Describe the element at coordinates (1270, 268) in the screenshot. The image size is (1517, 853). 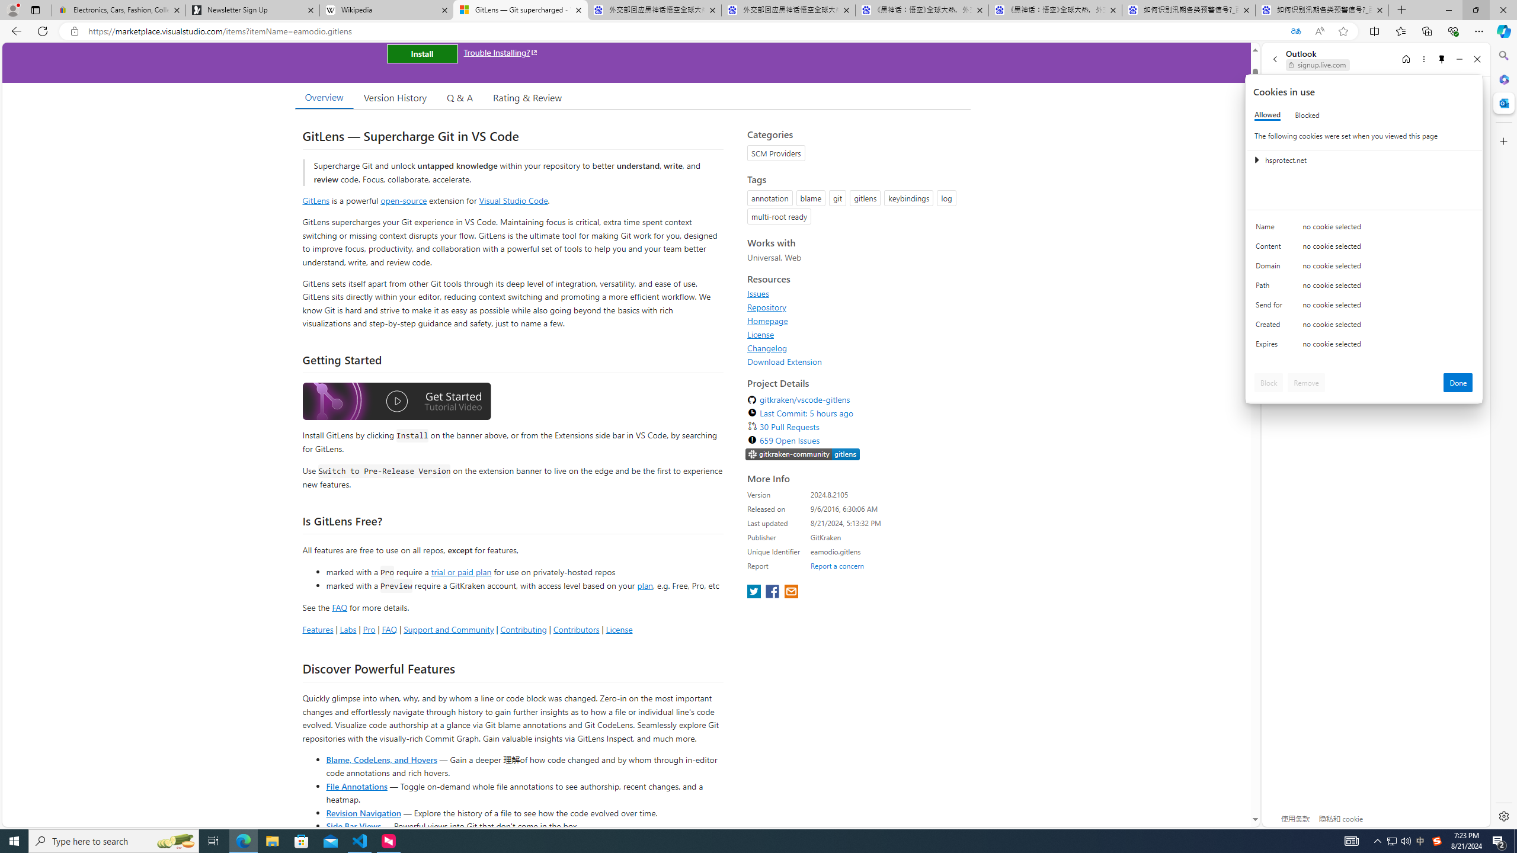
I see `'Domain'` at that location.